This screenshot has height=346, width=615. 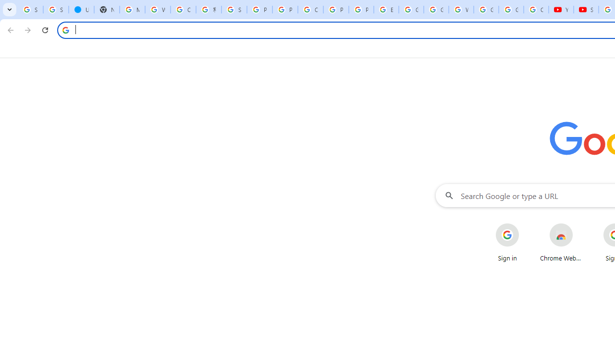 What do you see at coordinates (526, 224) in the screenshot?
I see `'More actions for Sign in shortcut'` at bounding box center [526, 224].